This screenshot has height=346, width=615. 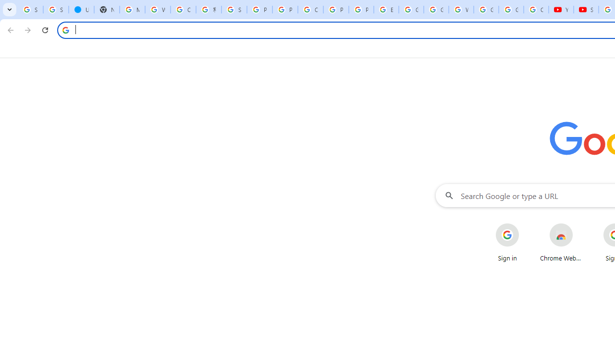 What do you see at coordinates (526, 224) in the screenshot?
I see `'More actions for Sign in shortcut'` at bounding box center [526, 224].